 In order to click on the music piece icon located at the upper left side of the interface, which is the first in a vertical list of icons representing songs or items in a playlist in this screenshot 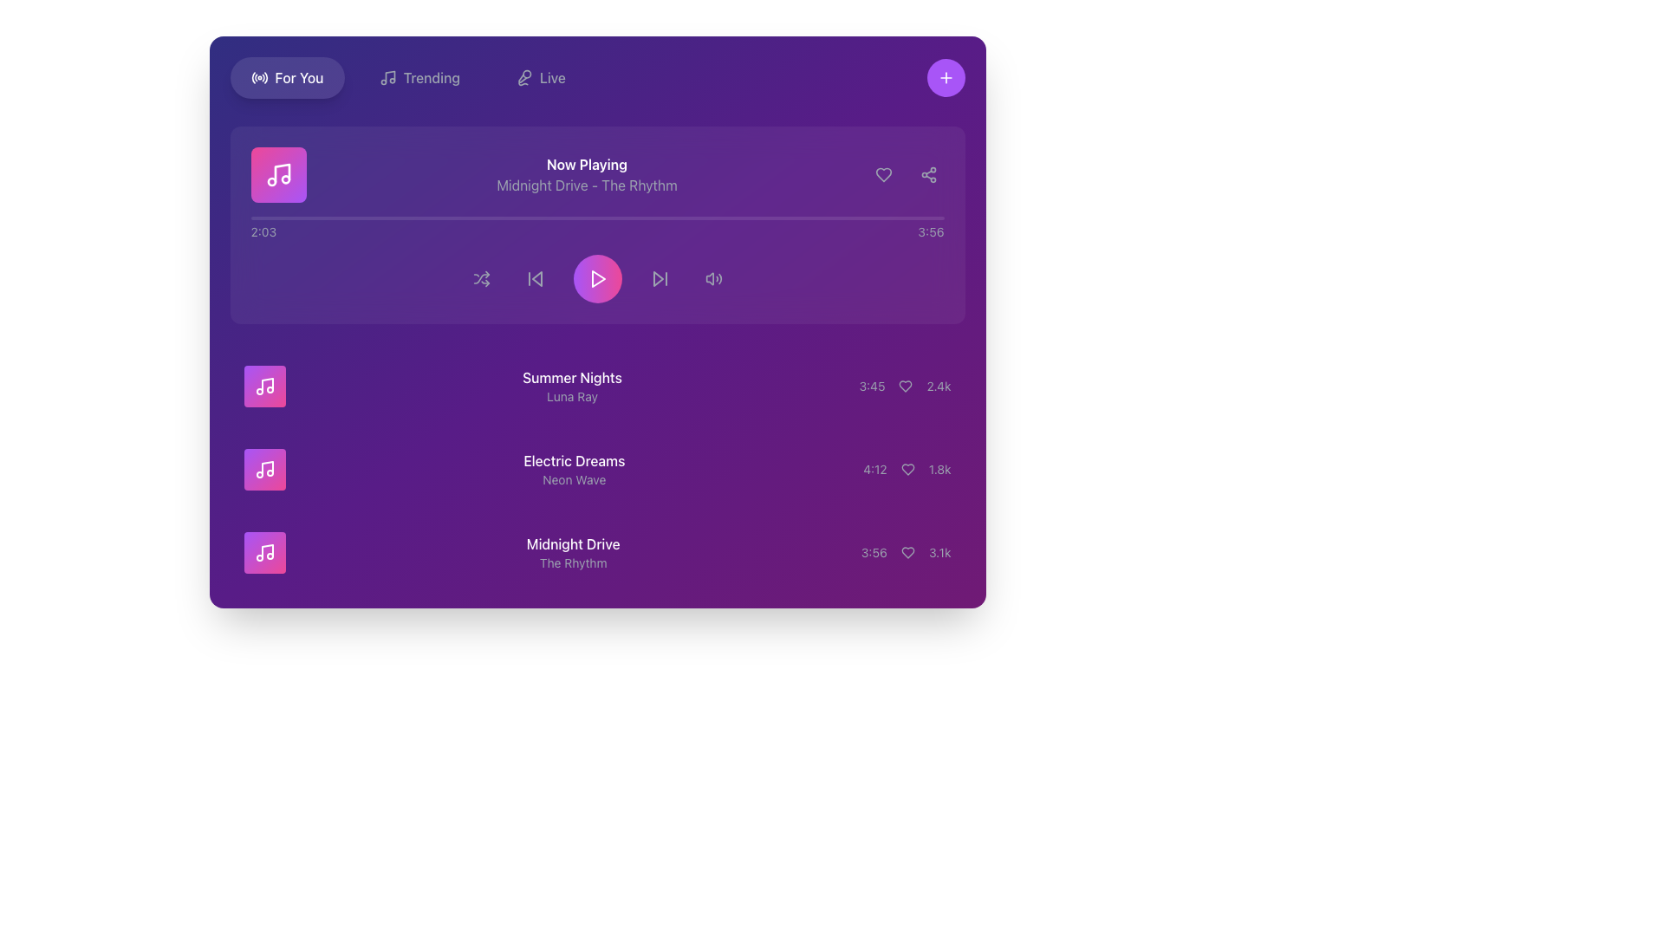, I will do `click(263, 386)`.